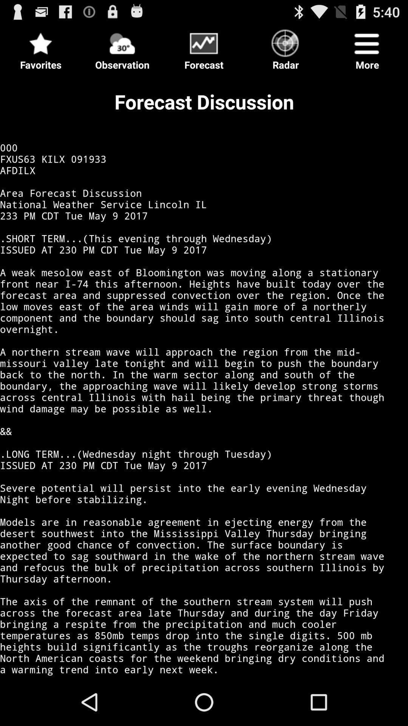  I want to click on radar icon, so click(286, 47).